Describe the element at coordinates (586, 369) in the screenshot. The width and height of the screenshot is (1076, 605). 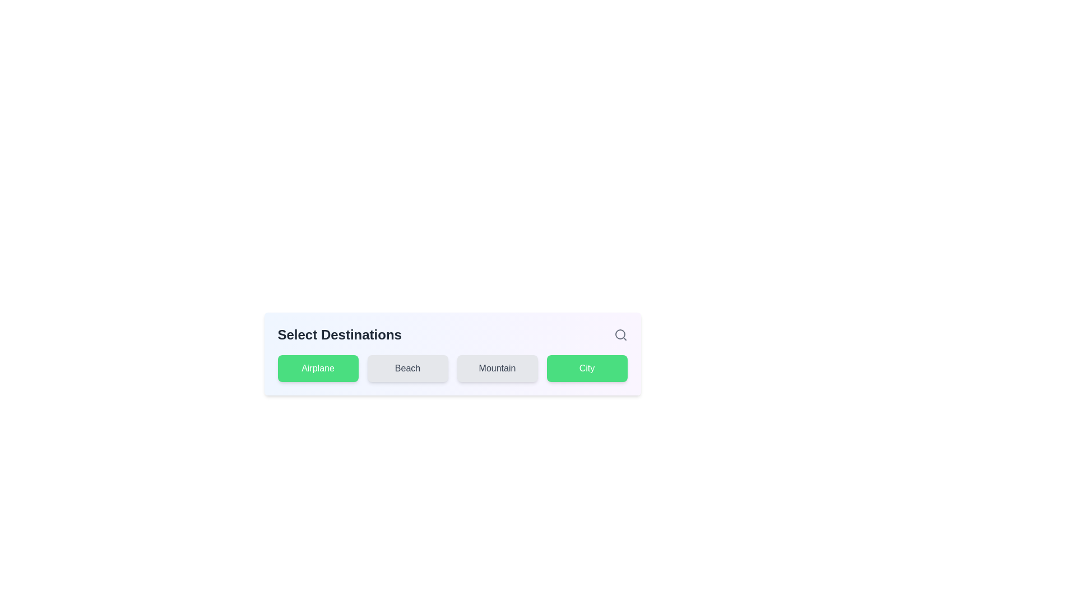
I see `the item labeled City in the grid` at that location.